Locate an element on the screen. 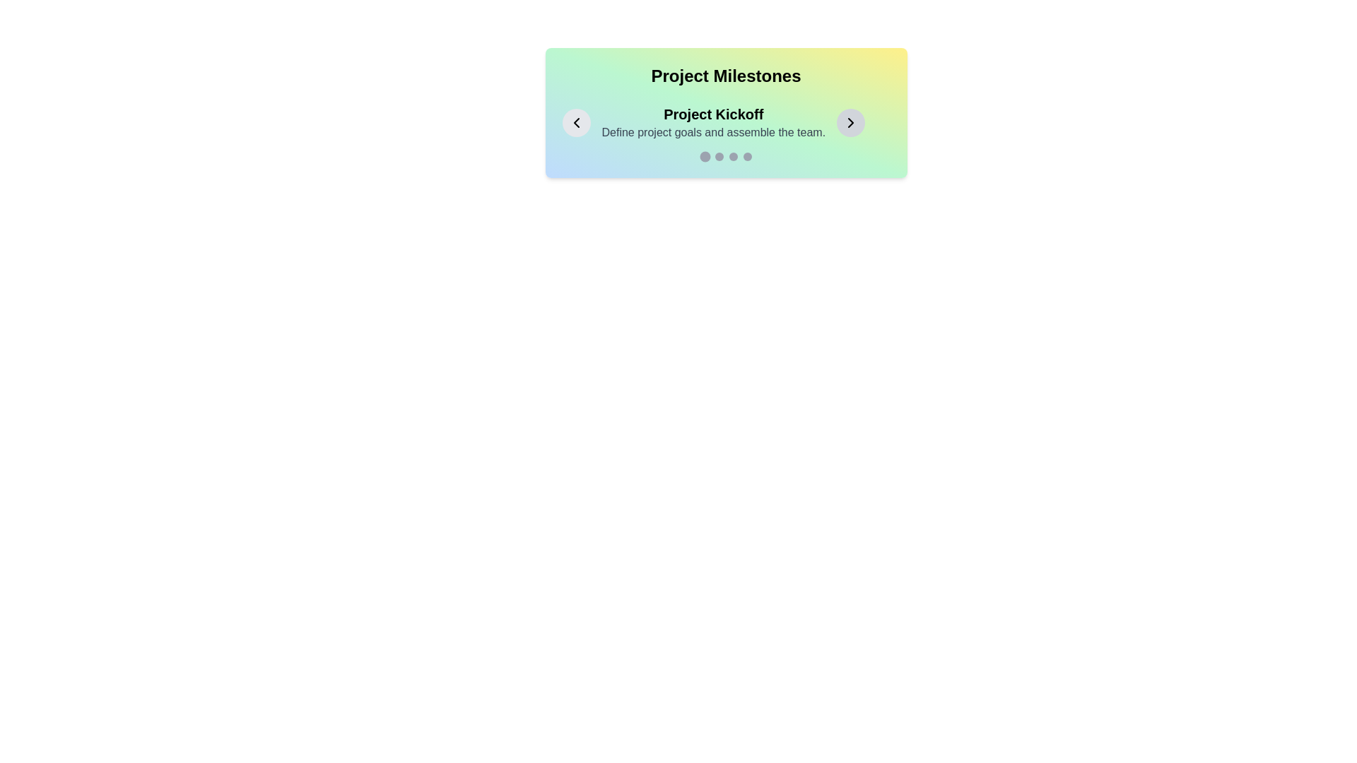 This screenshot has height=763, width=1357. the third circular button located at the bottom center of the card interface is located at coordinates (733, 157).